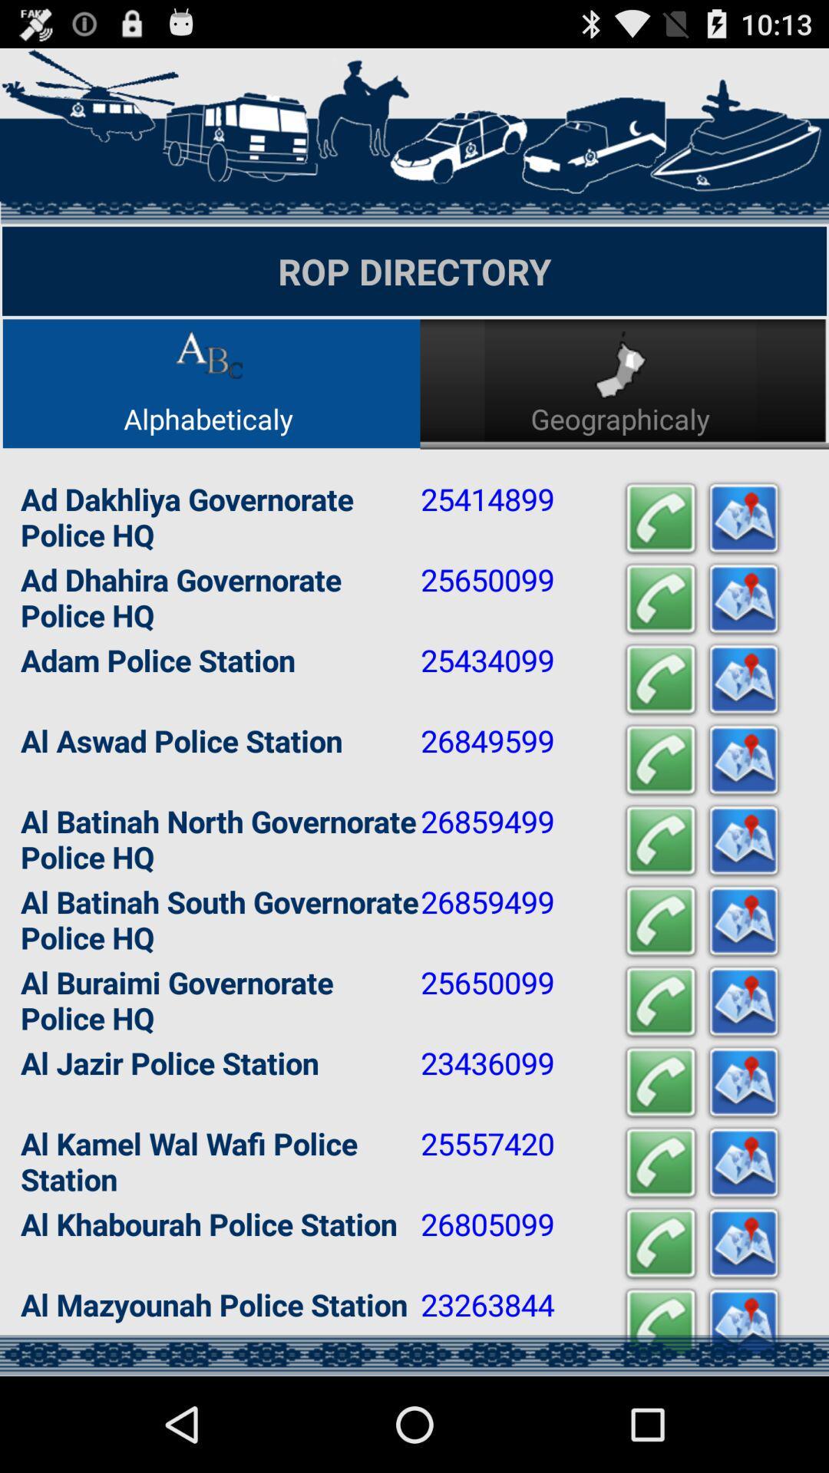 This screenshot has width=829, height=1473. Describe the element at coordinates (659, 900) in the screenshot. I see `the call icon` at that location.